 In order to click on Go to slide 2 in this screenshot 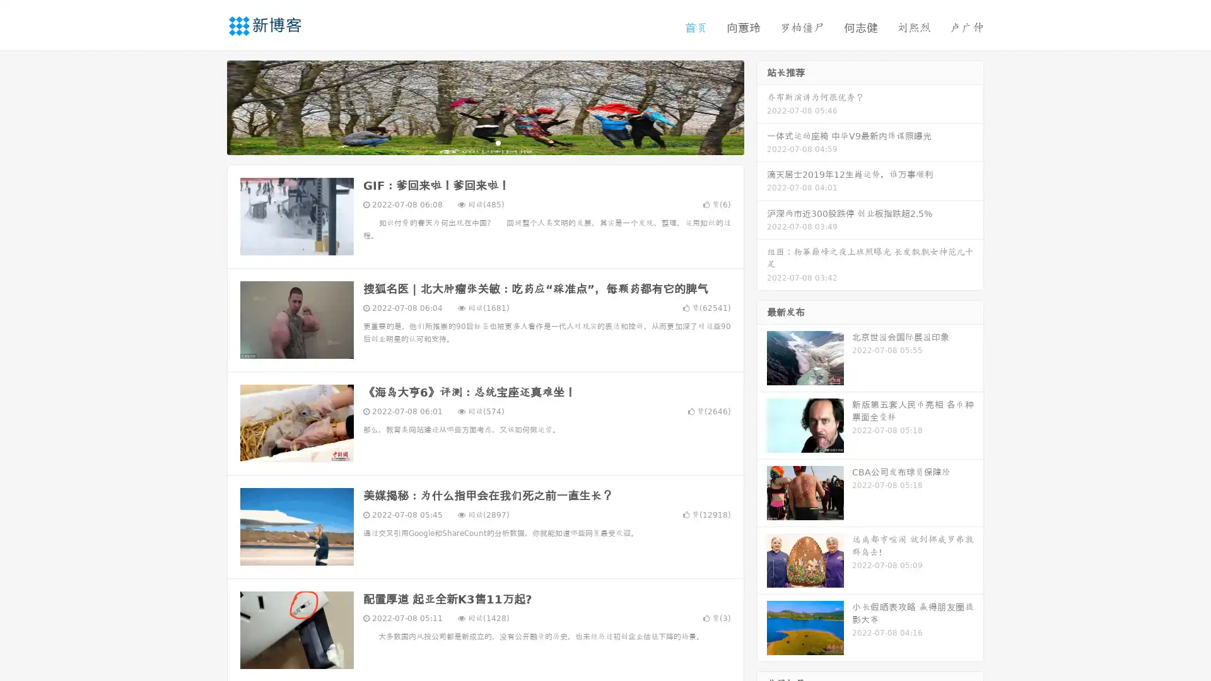, I will do `click(484, 142)`.